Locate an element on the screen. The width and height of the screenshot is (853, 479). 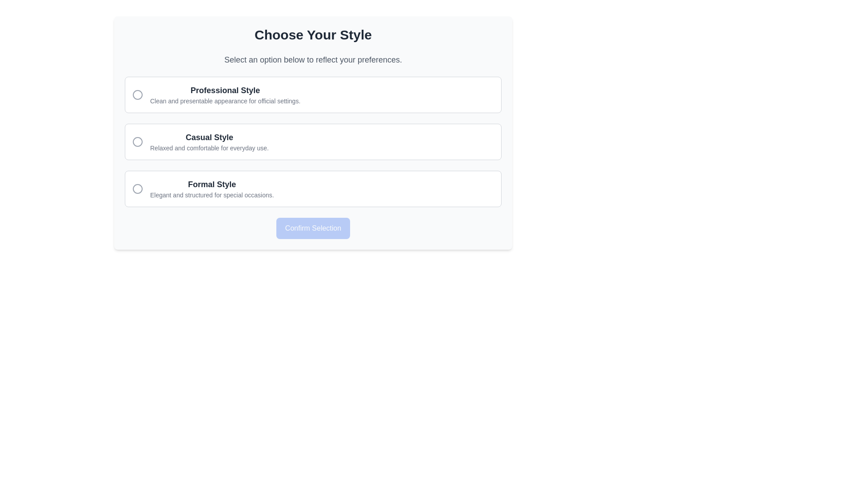
the selectable option labeled 'Casual Style' which features a circular radio button on the left and a description on the right is located at coordinates (313, 141).